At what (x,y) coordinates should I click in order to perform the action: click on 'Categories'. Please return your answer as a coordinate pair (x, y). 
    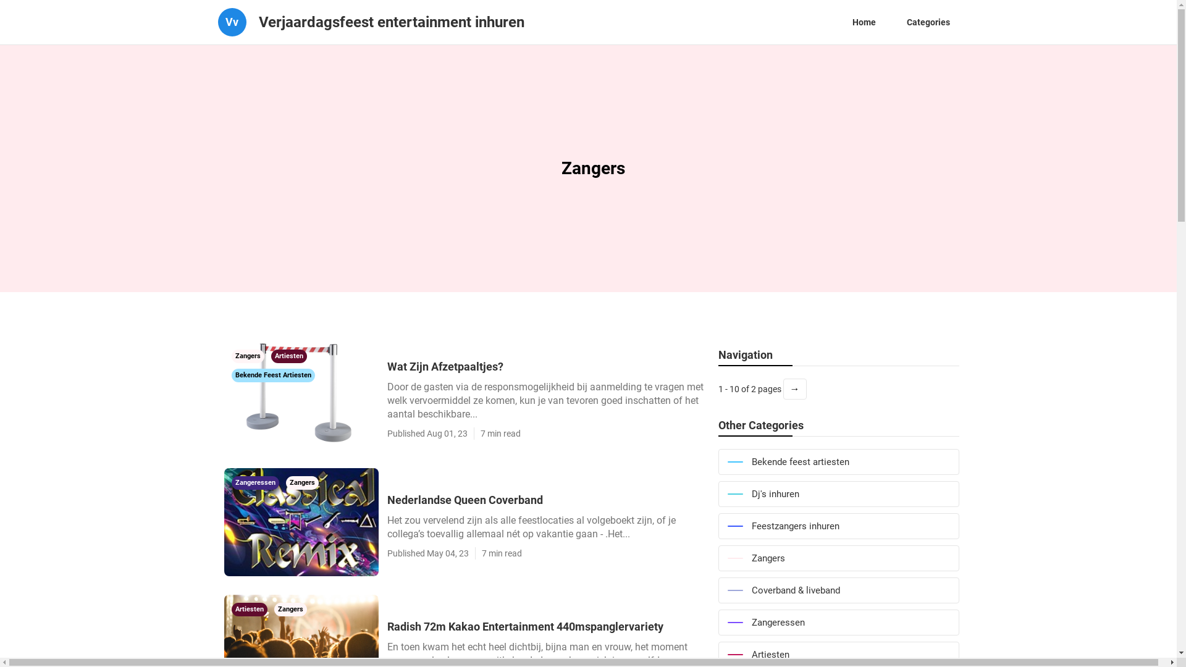
    Looking at the image, I should click on (928, 22).